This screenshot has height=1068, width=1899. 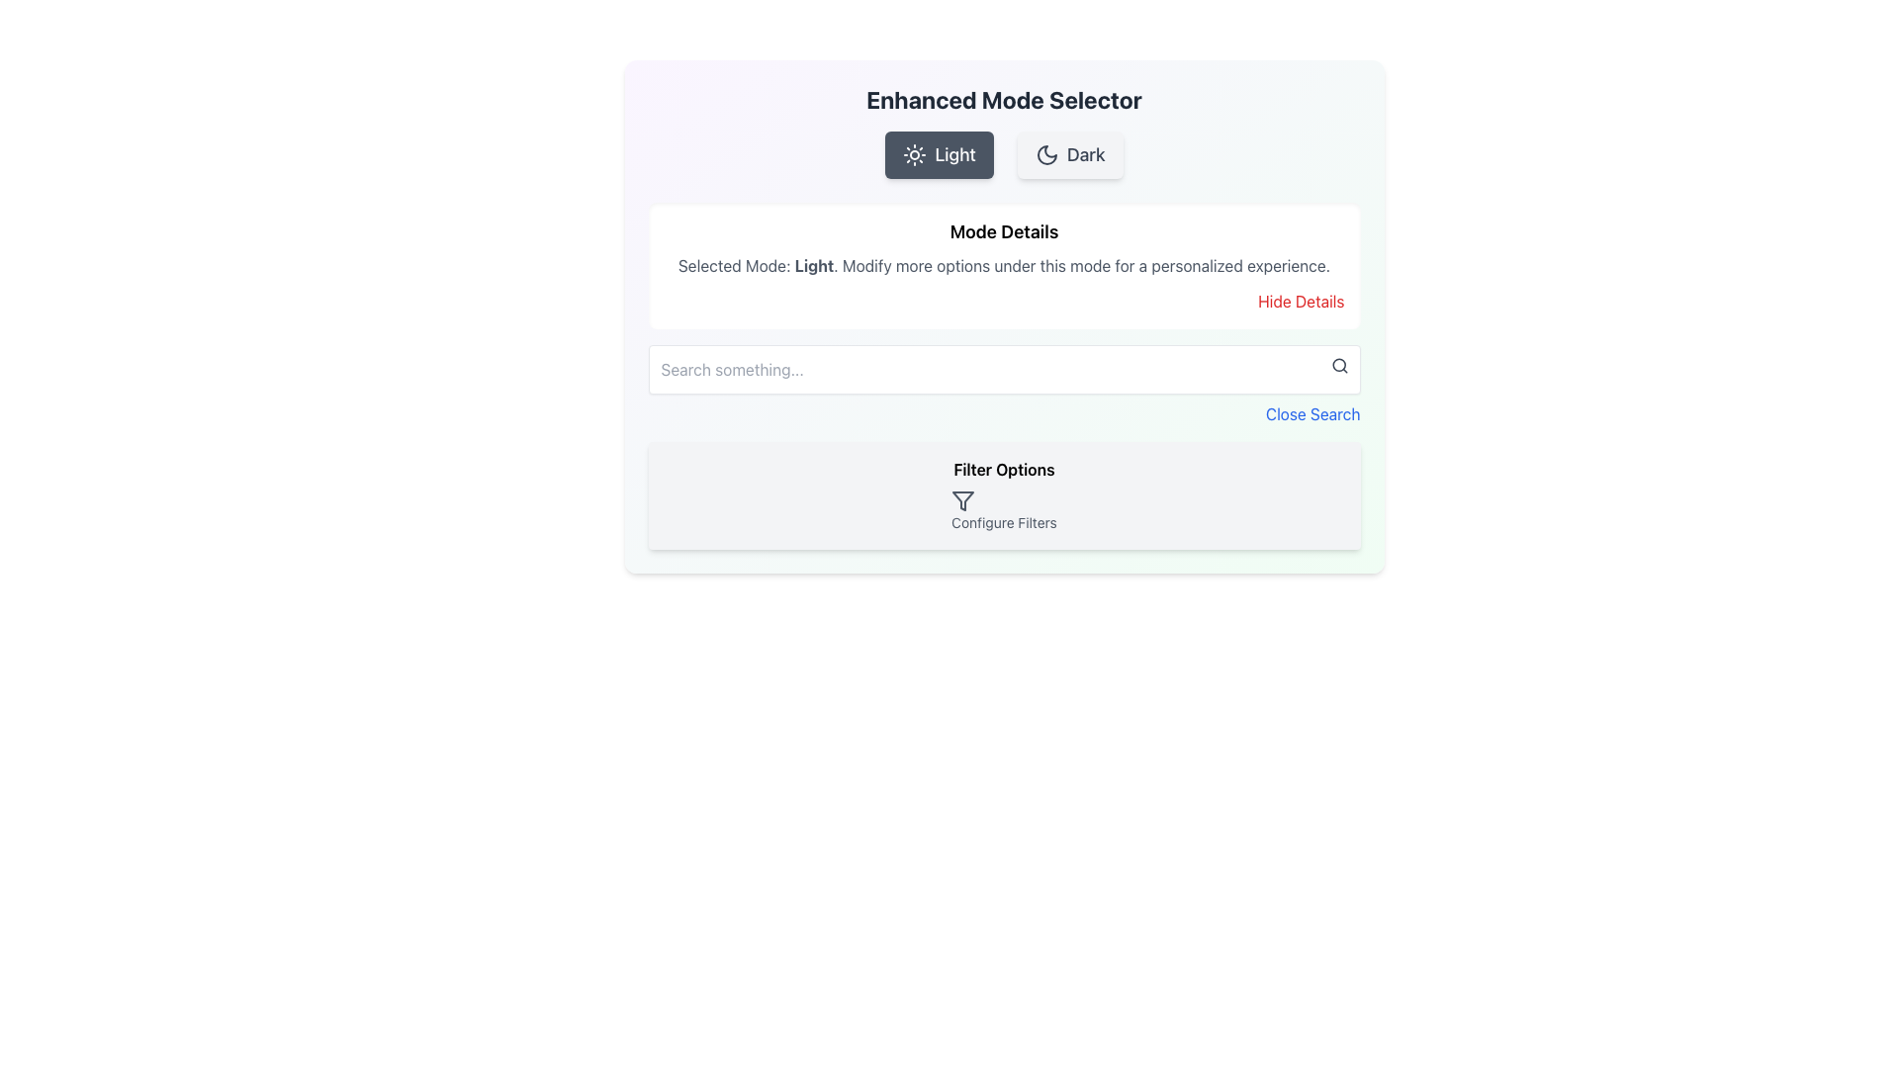 What do you see at coordinates (1044, 154) in the screenshot?
I see `the dark mode toggle icon located to the left of the 'Dark' label in the top-right corner of the 'Enhanced Mode Selector' section` at bounding box center [1044, 154].